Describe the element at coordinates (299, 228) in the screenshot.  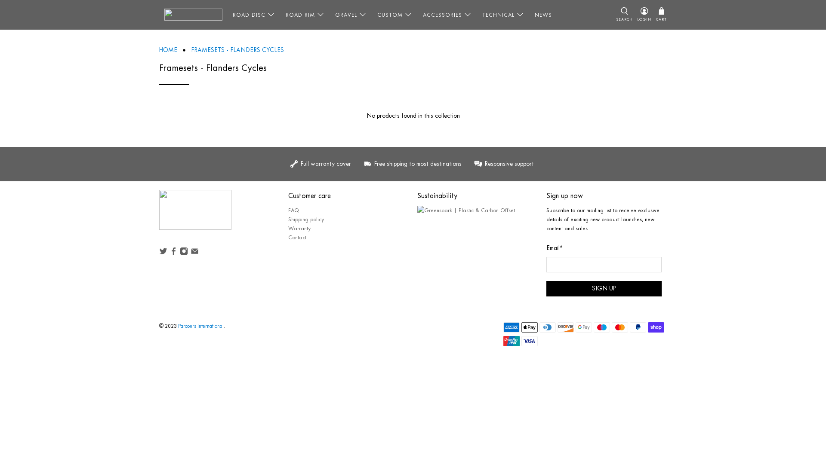
I see `'Warranty'` at that location.